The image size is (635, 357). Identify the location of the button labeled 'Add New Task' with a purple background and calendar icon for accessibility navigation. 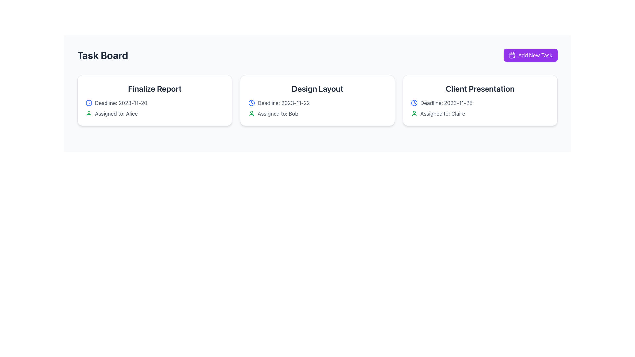
(530, 55).